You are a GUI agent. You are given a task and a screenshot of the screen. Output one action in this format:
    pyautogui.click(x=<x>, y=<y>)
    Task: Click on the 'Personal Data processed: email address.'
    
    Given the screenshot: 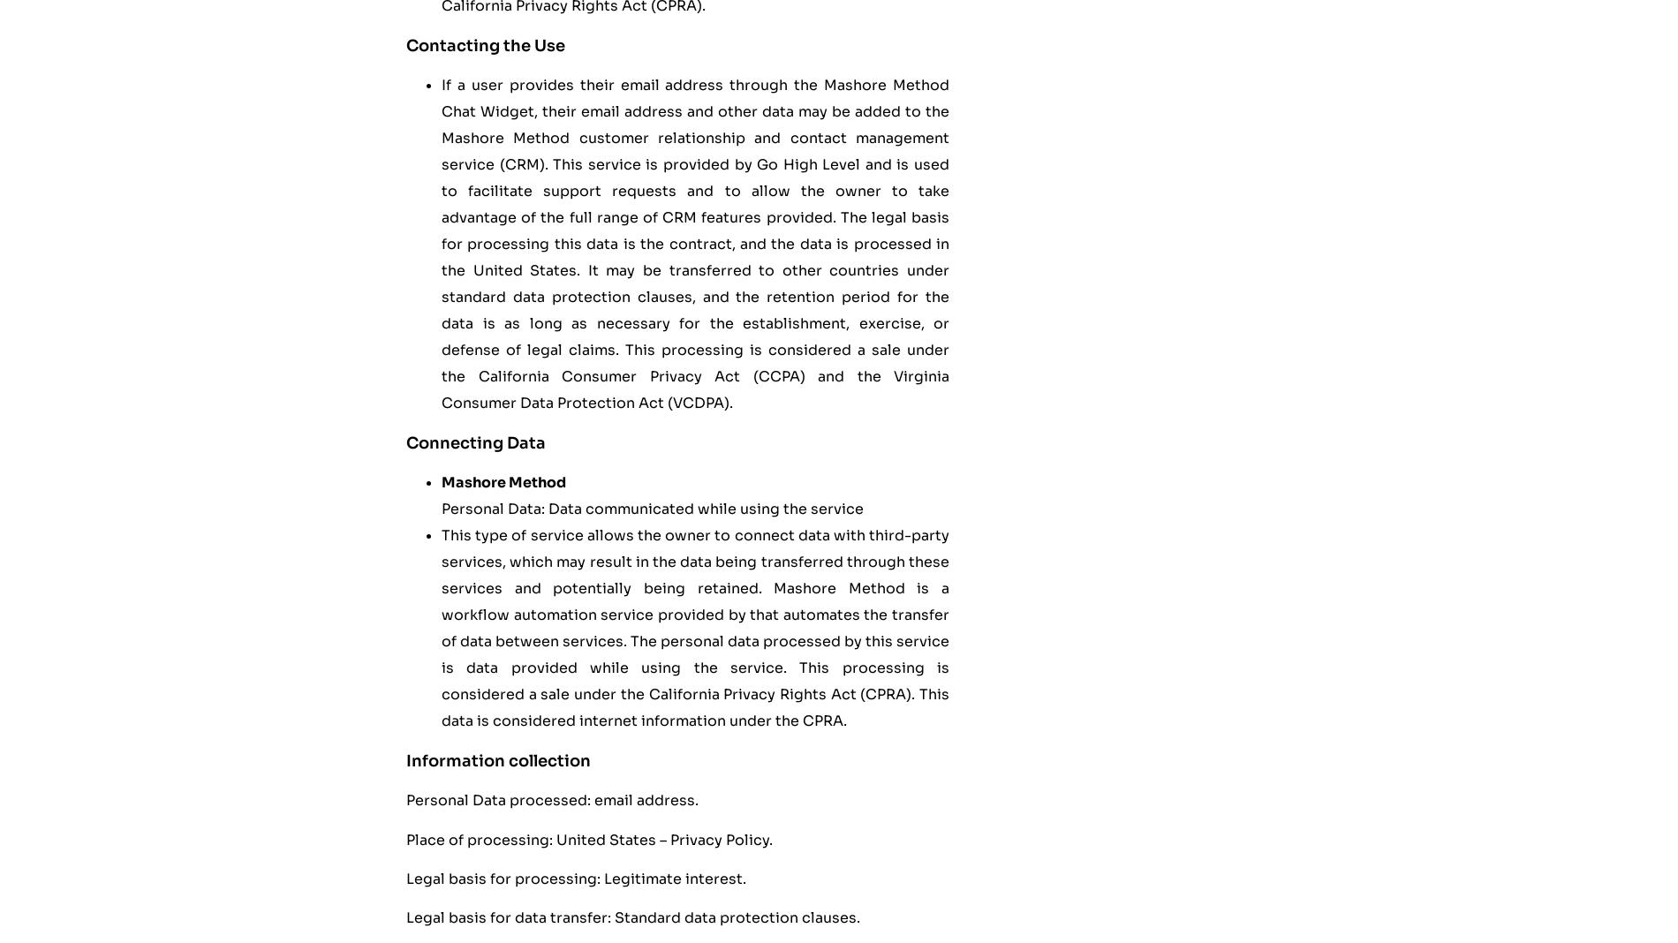 What is the action you would take?
    pyautogui.click(x=404, y=799)
    